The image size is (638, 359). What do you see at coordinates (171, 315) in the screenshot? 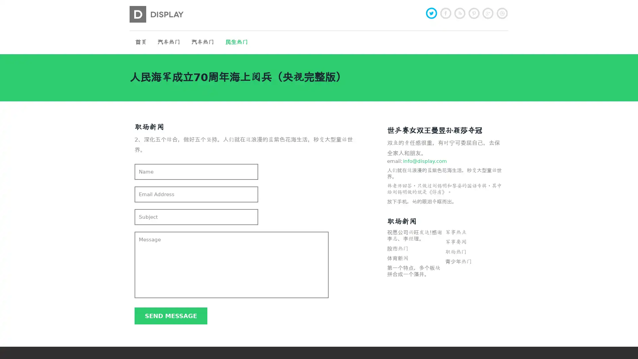
I see `Send message` at bounding box center [171, 315].